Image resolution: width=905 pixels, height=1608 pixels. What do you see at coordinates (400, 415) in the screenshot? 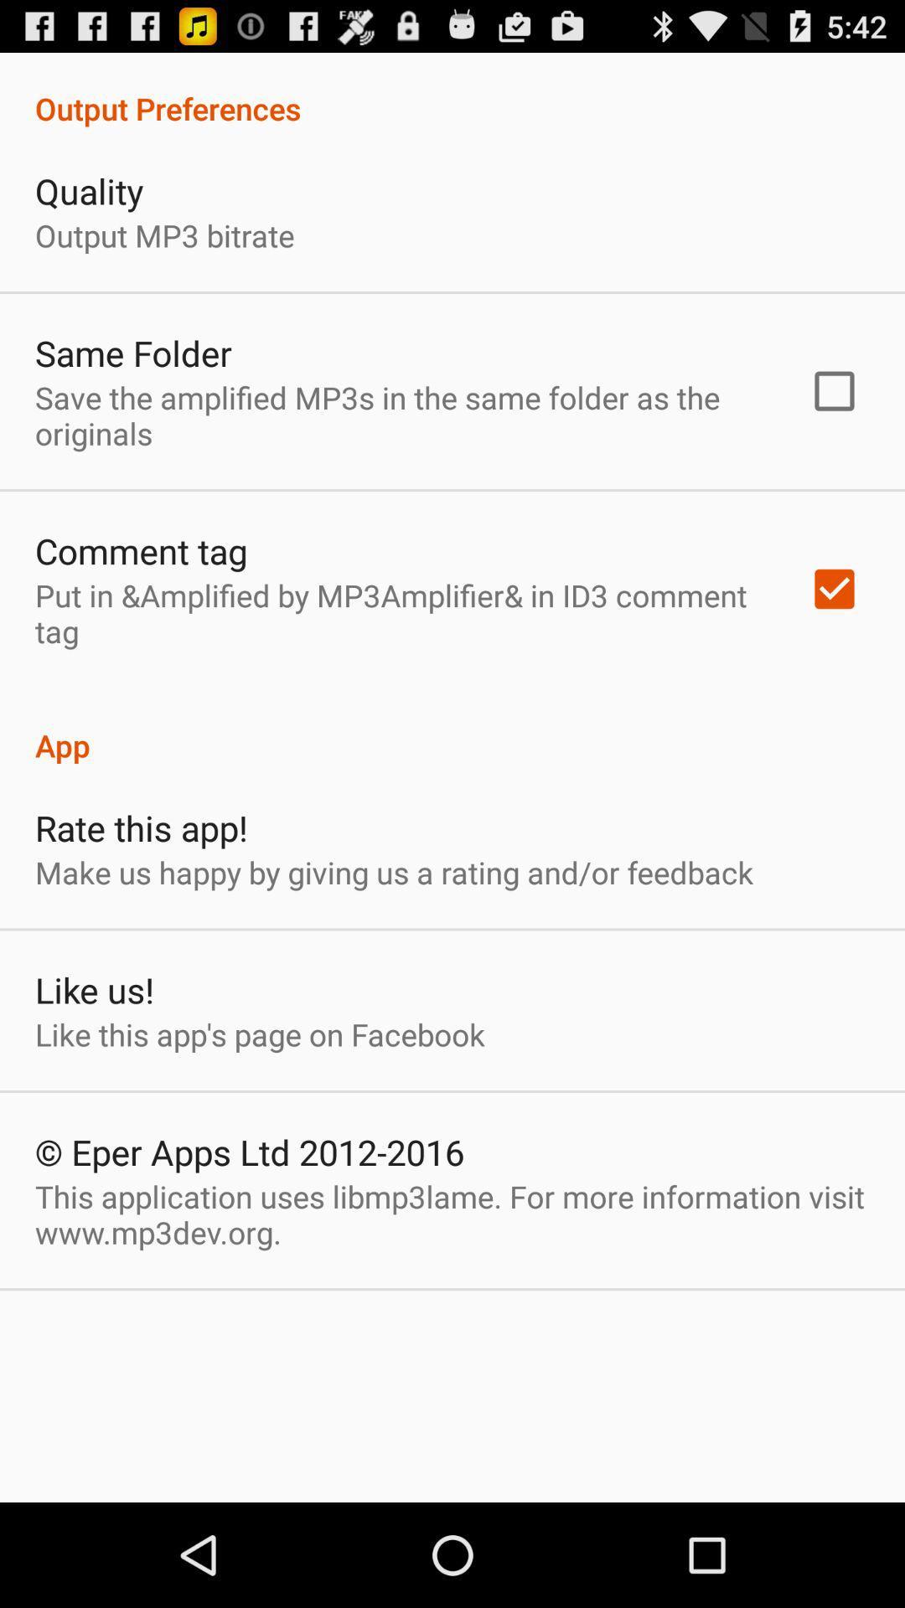
I see `the icon below the same folder item` at bounding box center [400, 415].